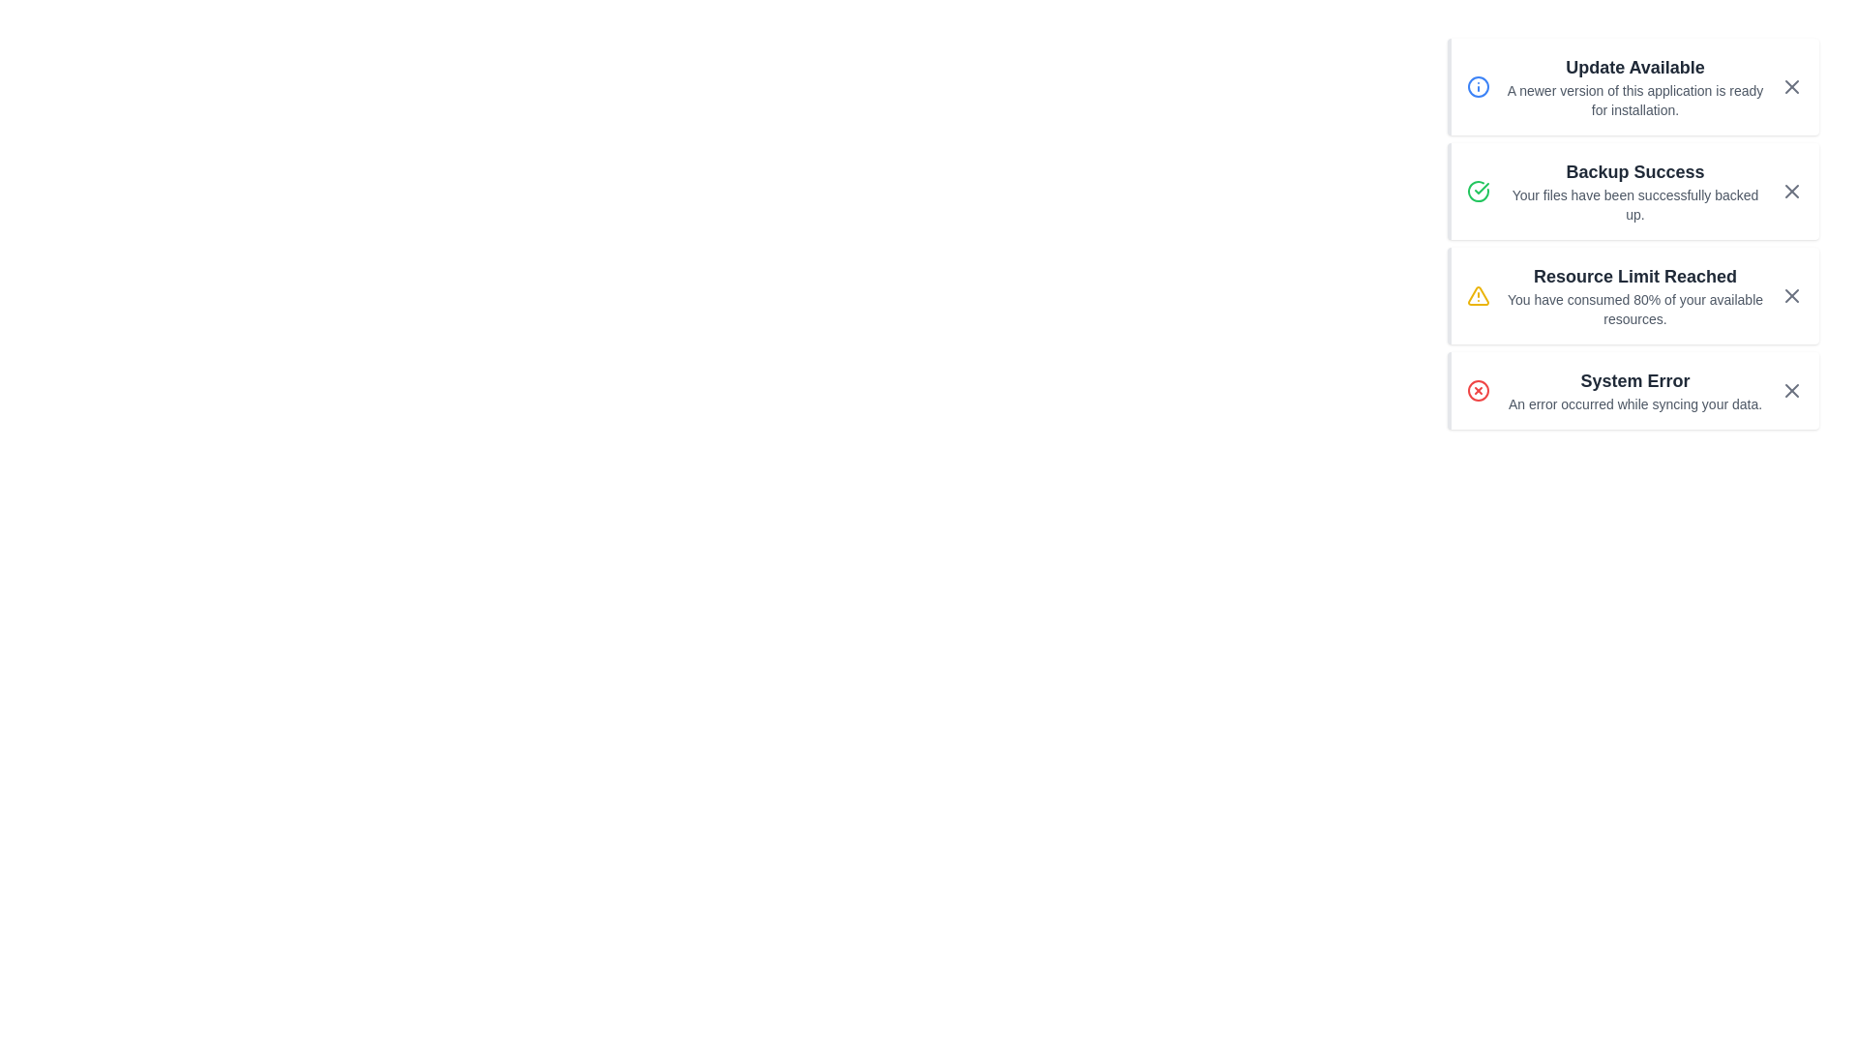  What do you see at coordinates (1633, 101) in the screenshot?
I see `the informational message about the availability of a newer version of the application, located in the 'Update Available' notification block, just below its title` at bounding box center [1633, 101].